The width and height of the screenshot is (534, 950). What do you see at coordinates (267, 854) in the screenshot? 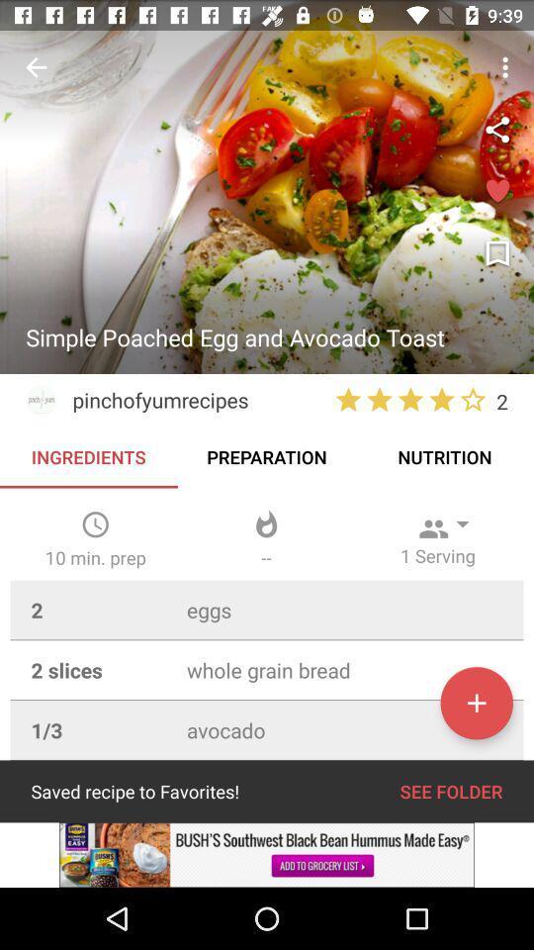
I see `open advertisement` at bounding box center [267, 854].